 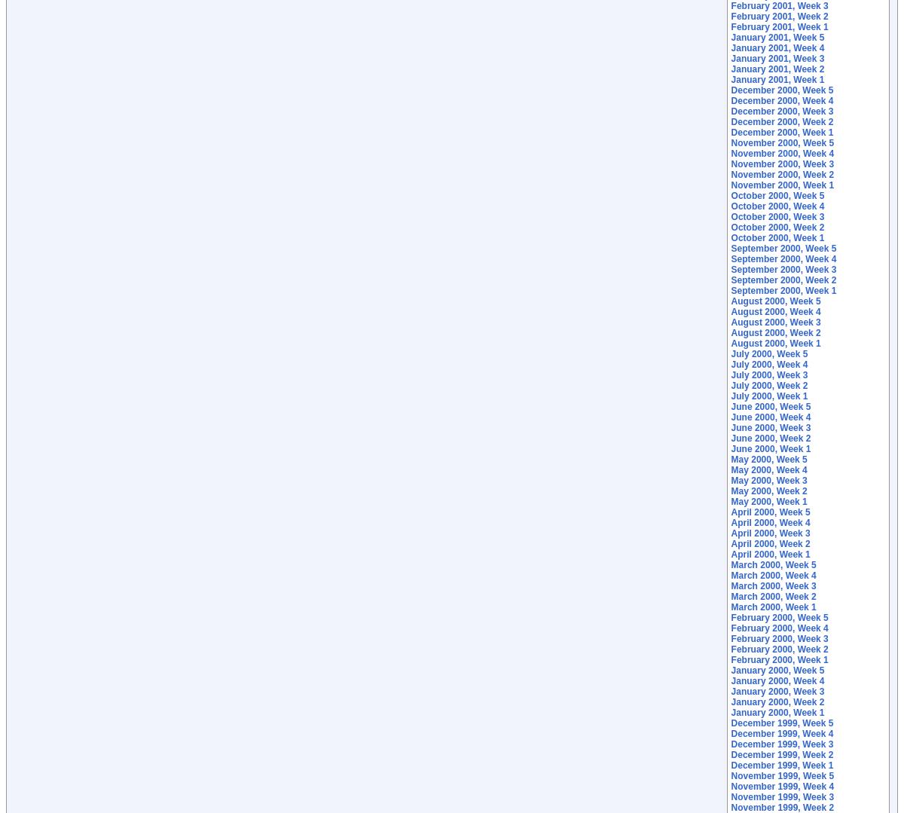 What do you see at coordinates (782, 132) in the screenshot?
I see `'December 2000, Week 1'` at bounding box center [782, 132].